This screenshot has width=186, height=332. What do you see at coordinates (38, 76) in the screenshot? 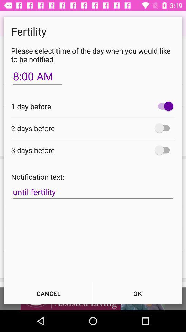
I see `the item below please select time` at bounding box center [38, 76].